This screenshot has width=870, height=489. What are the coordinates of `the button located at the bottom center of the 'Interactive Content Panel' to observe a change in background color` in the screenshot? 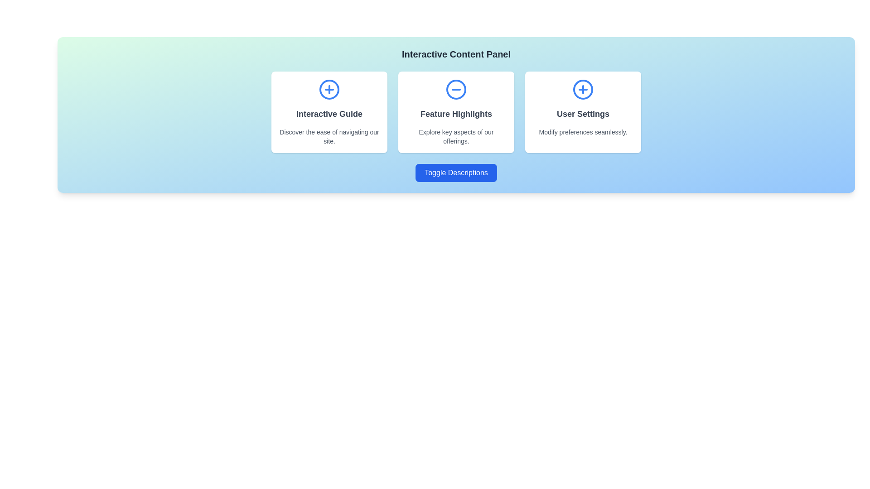 It's located at (456, 173).